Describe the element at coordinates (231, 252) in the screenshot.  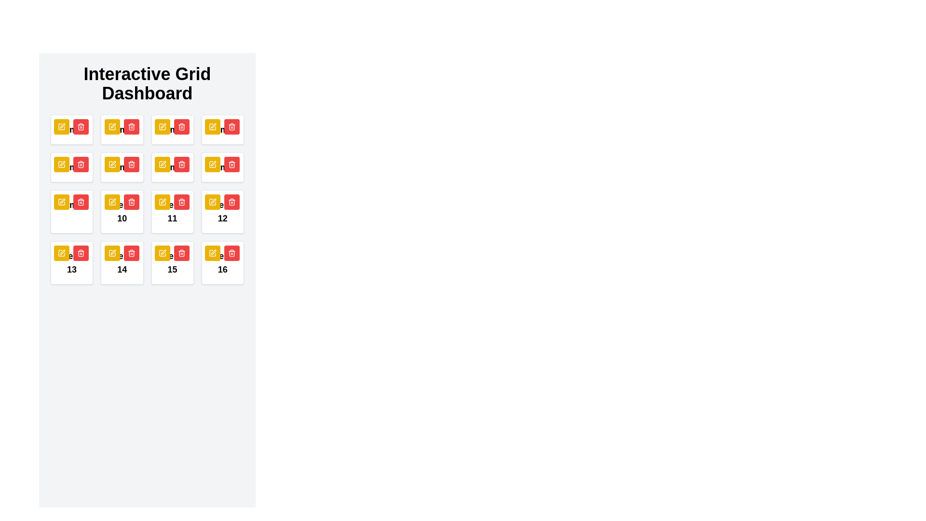
I see `the delete button located in the third row and second column of the Interactive Grid Dashboard to receive feedback` at that location.